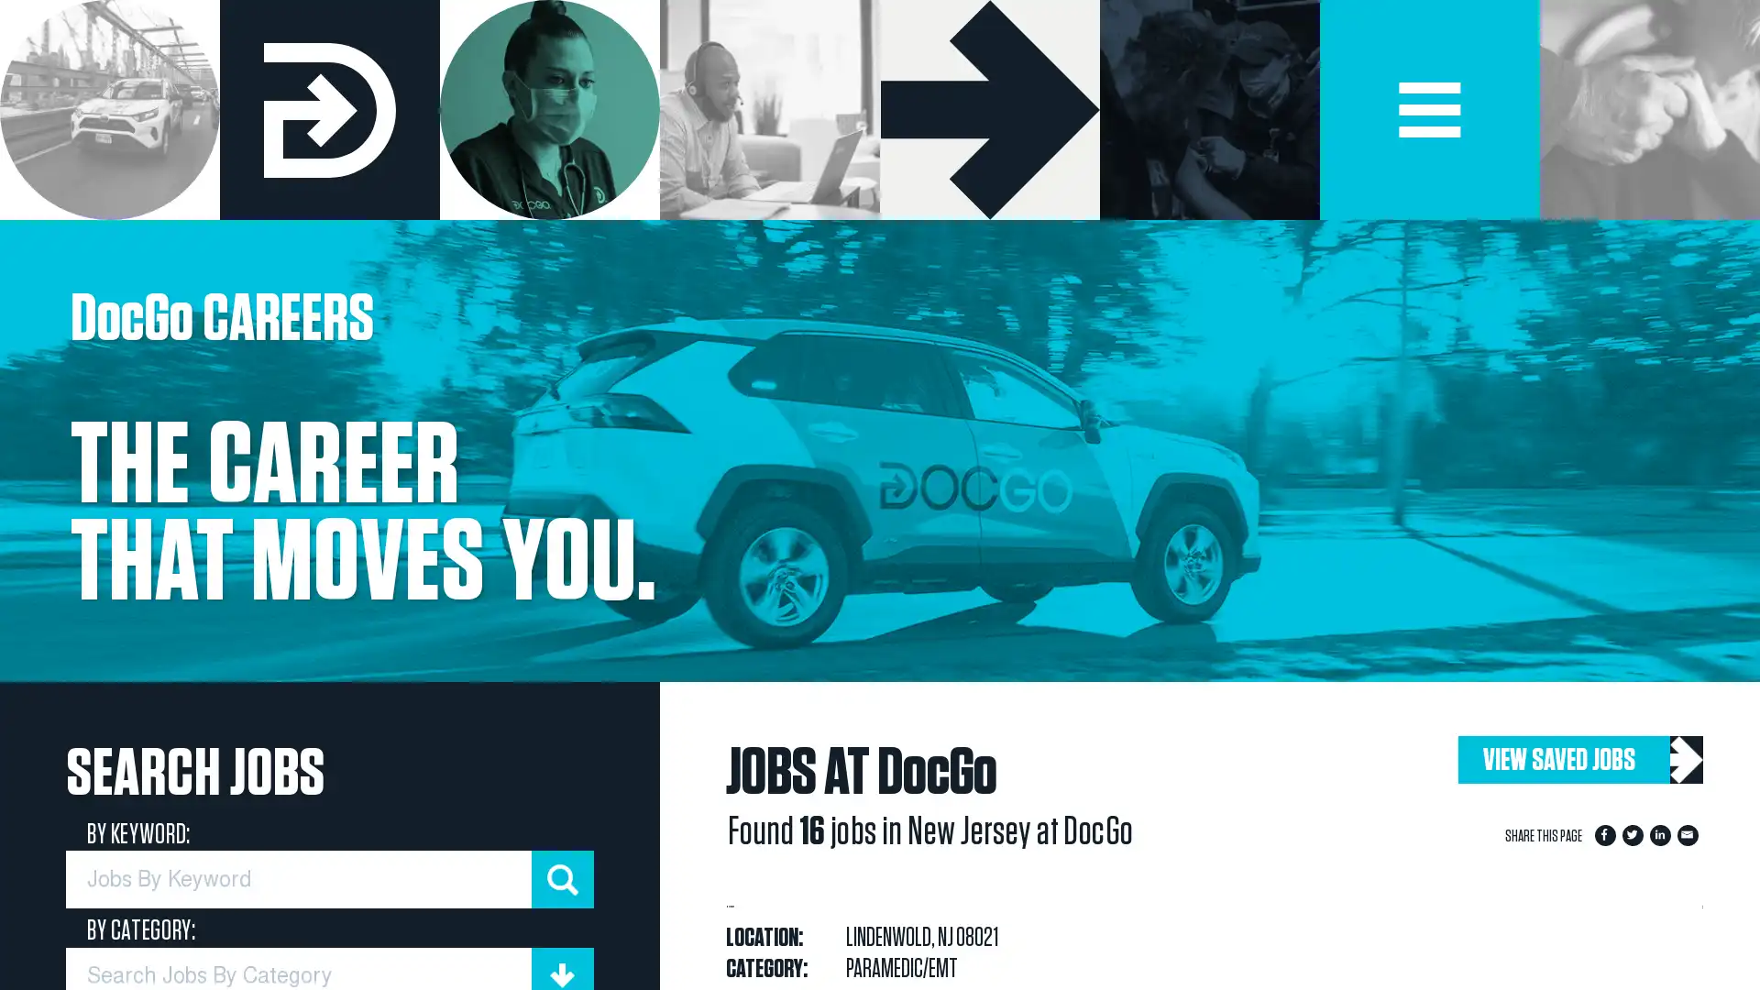  Describe the element at coordinates (1615, 834) in the screenshot. I see `Share to Facebook` at that location.